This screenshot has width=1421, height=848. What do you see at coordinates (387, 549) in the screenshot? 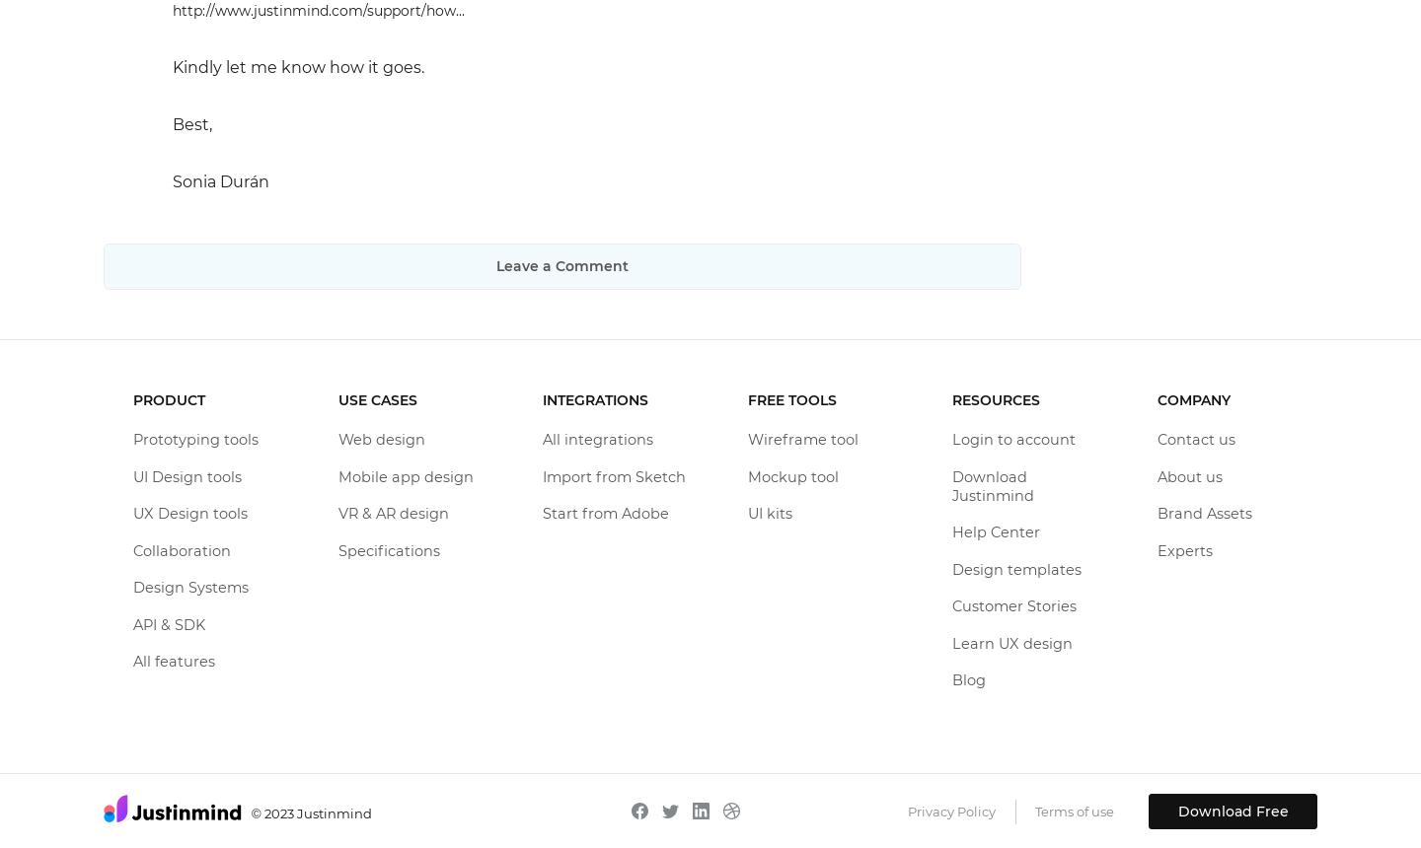
I see `'Specifications'` at bounding box center [387, 549].